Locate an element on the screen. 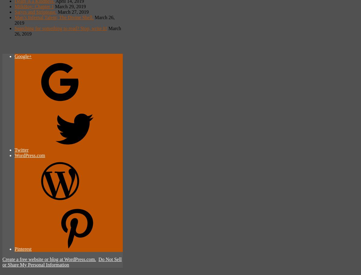  'Satyrs and Striptease.' is located at coordinates (35, 11).